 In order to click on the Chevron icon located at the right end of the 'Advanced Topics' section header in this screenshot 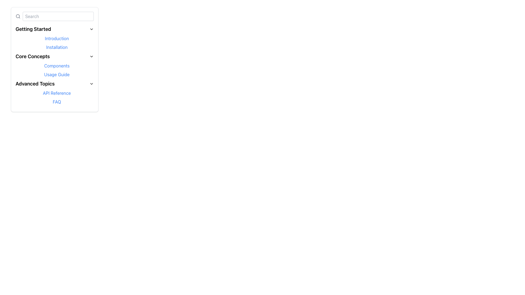, I will do `click(92, 84)`.